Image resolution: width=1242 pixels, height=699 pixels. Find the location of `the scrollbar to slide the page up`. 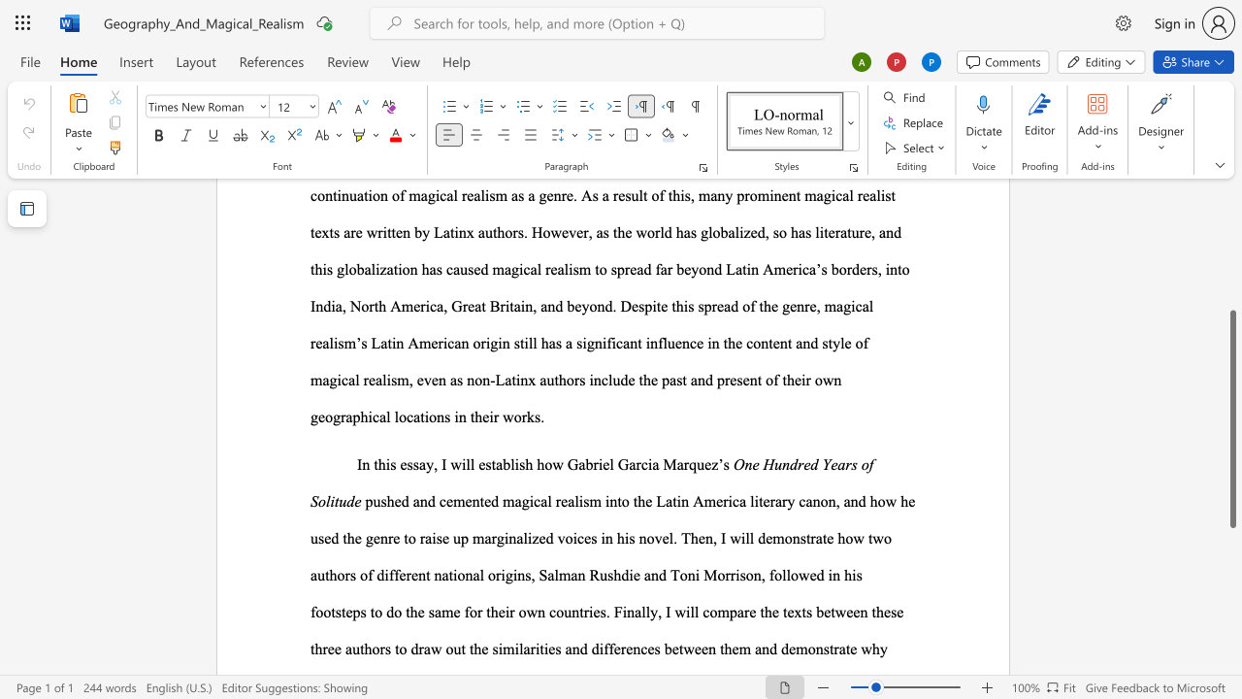

the scrollbar to slide the page up is located at coordinates (1231, 250).